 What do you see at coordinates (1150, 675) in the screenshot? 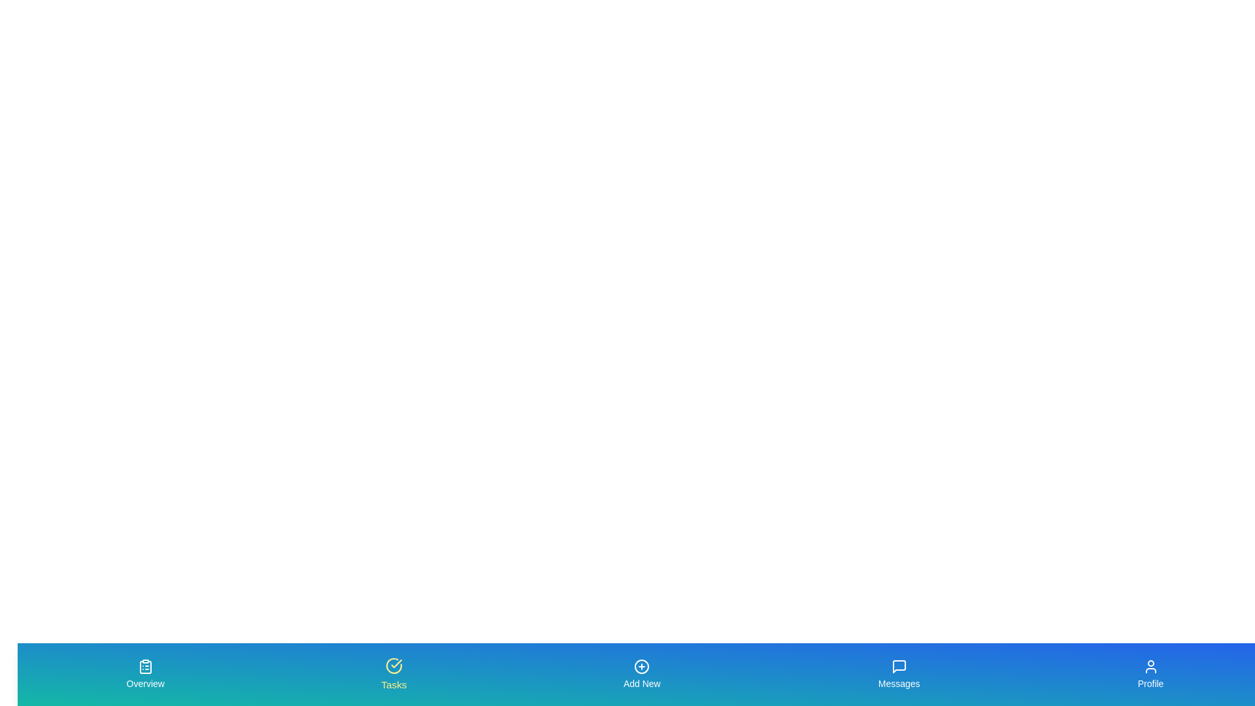
I see `the tab Profile by clicking on its button` at bounding box center [1150, 675].